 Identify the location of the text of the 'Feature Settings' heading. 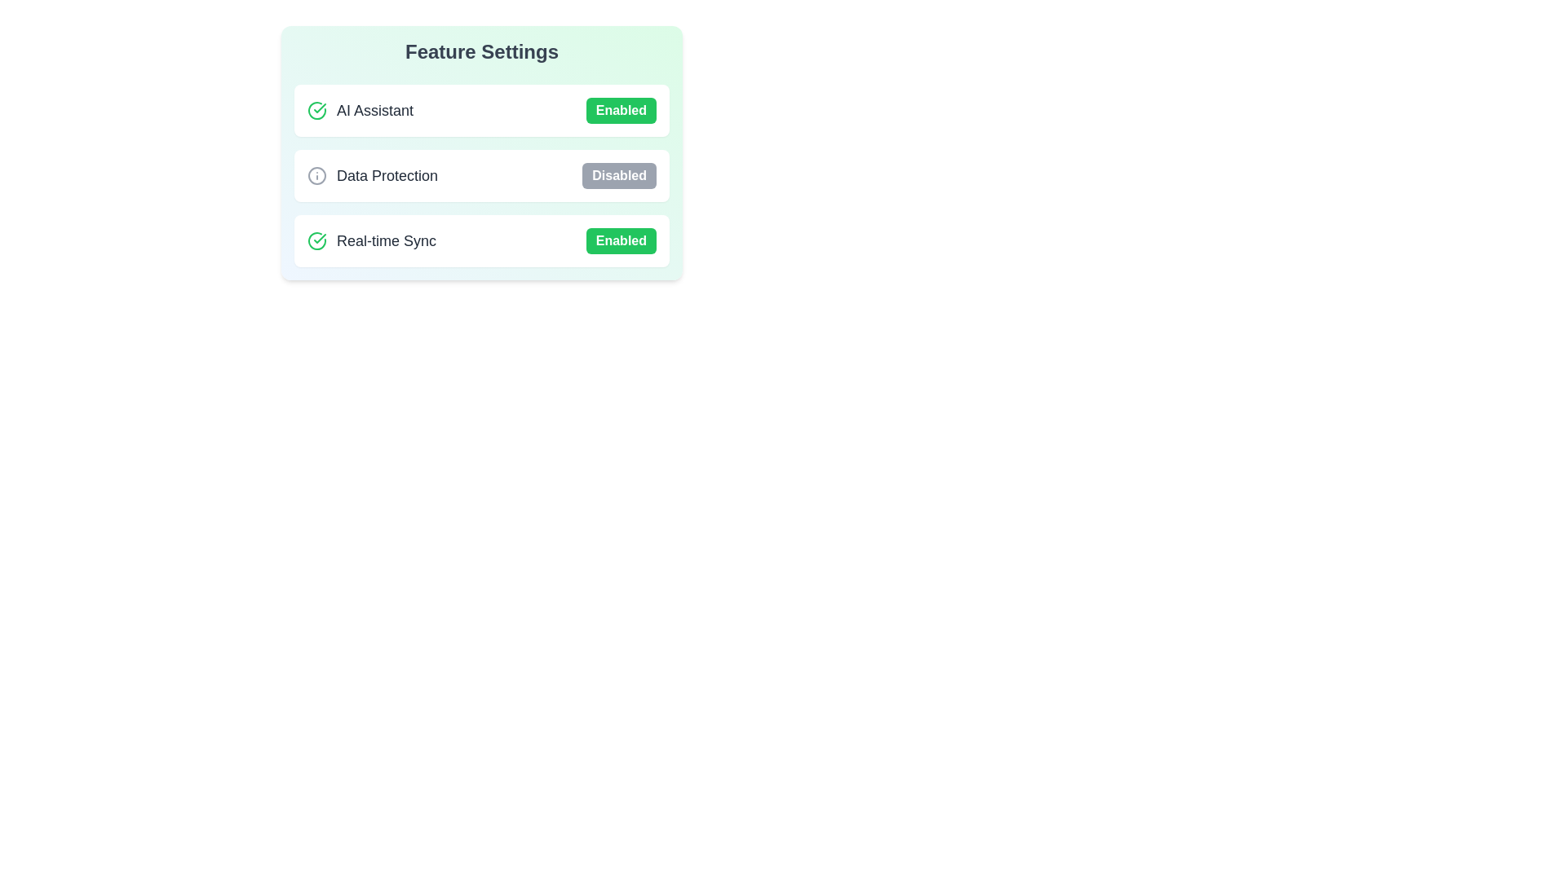
(480, 51).